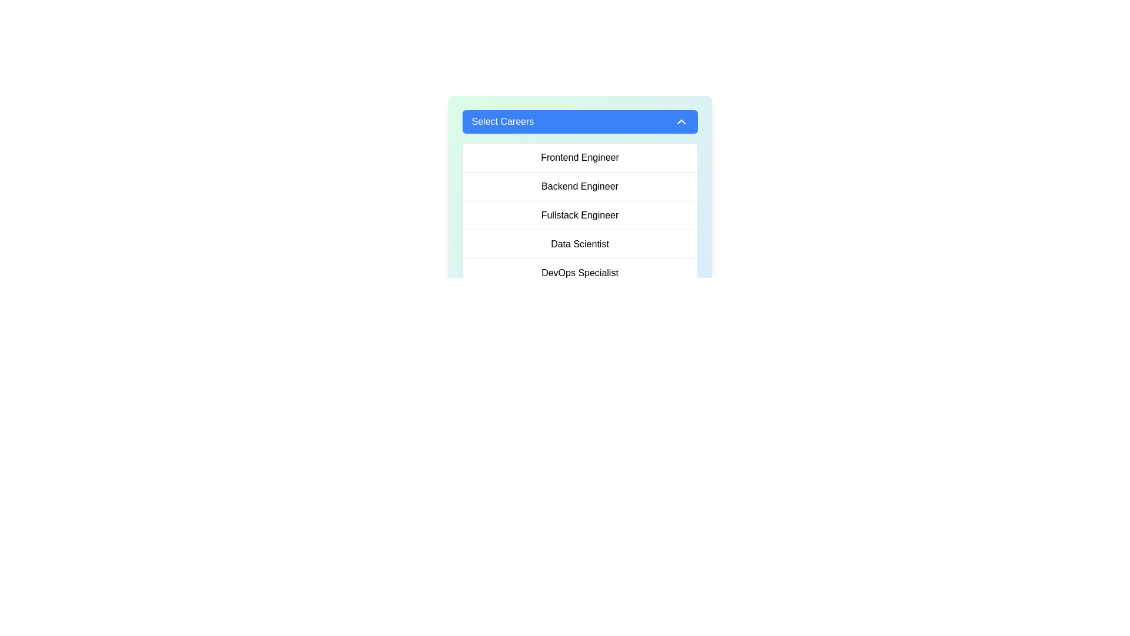 This screenshot has width=1130, height=636. What do you see at coordinates (580, 273) in the screenshot?
I see `the list item labeled 'DevOps Specialist'` at bounding box center [580, 273].